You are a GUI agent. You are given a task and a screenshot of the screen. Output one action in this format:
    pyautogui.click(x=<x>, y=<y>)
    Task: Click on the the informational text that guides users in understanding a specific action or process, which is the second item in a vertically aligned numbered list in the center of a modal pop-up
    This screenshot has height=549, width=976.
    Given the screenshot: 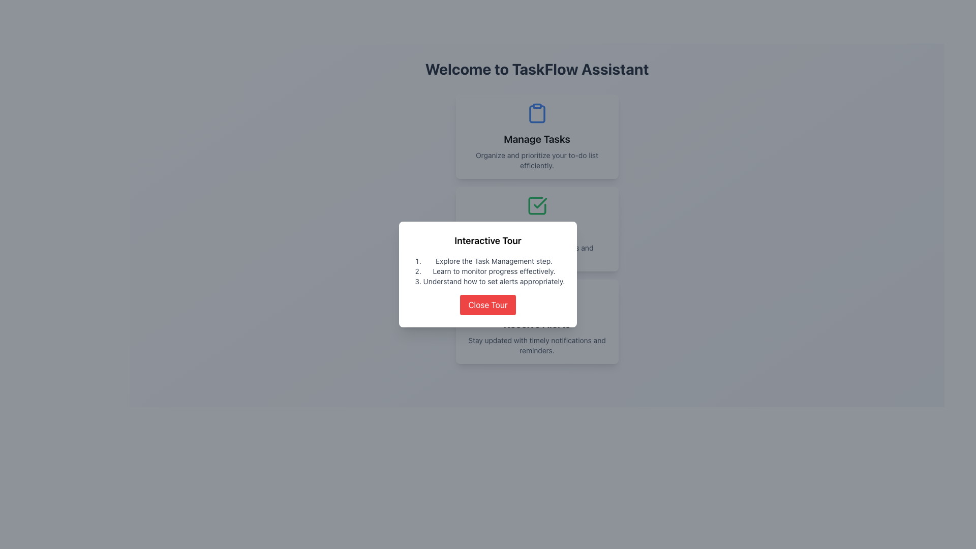 What is the action you would take?
    pyautogui.click(x=494, y=270)
    